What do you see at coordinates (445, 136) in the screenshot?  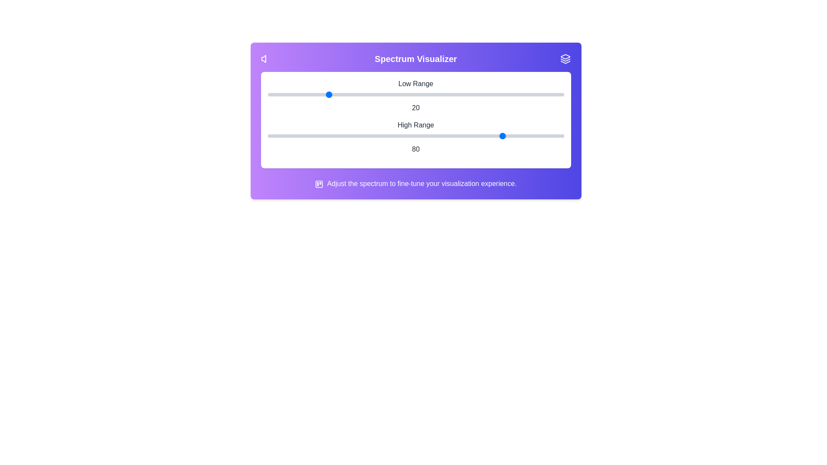 I see `the high range slider to 60` at bounding box center [445, 136].